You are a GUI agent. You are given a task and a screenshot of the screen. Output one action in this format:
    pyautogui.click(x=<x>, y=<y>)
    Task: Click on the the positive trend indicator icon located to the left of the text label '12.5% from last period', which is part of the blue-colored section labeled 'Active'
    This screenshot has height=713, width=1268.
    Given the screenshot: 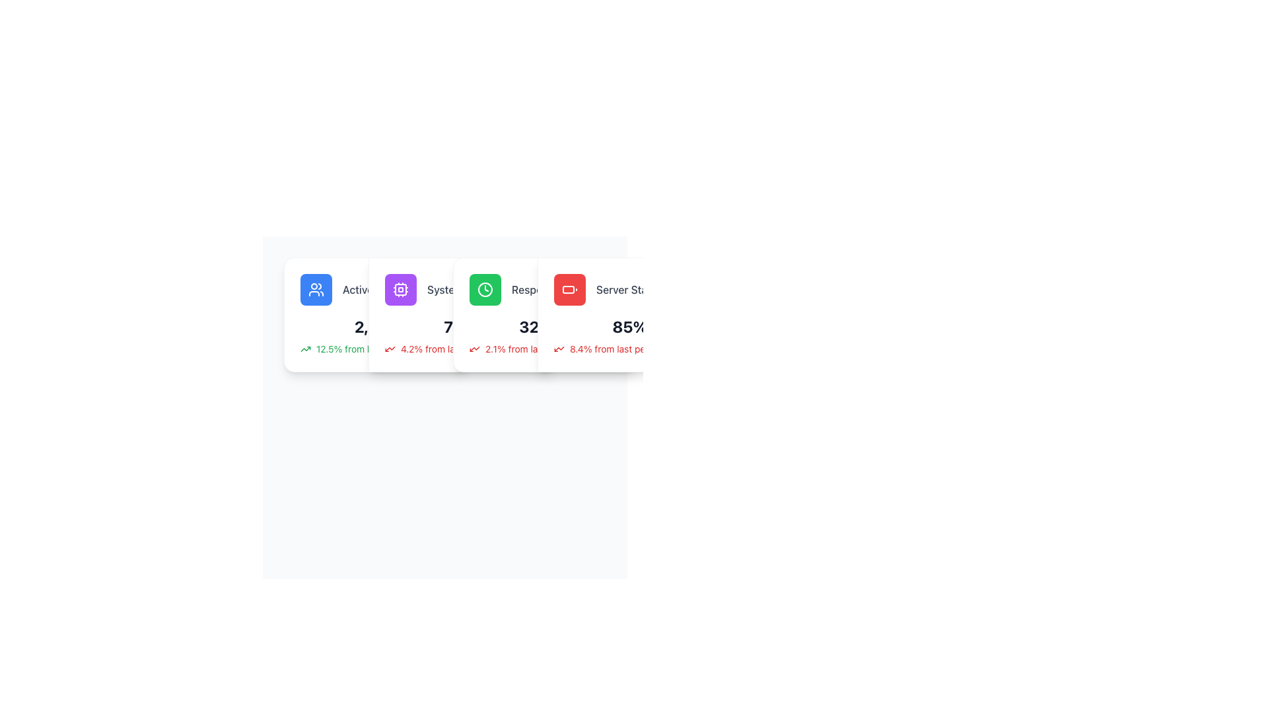 What is the action you would take?
    pyautogui.click(x=304, y=348)
    